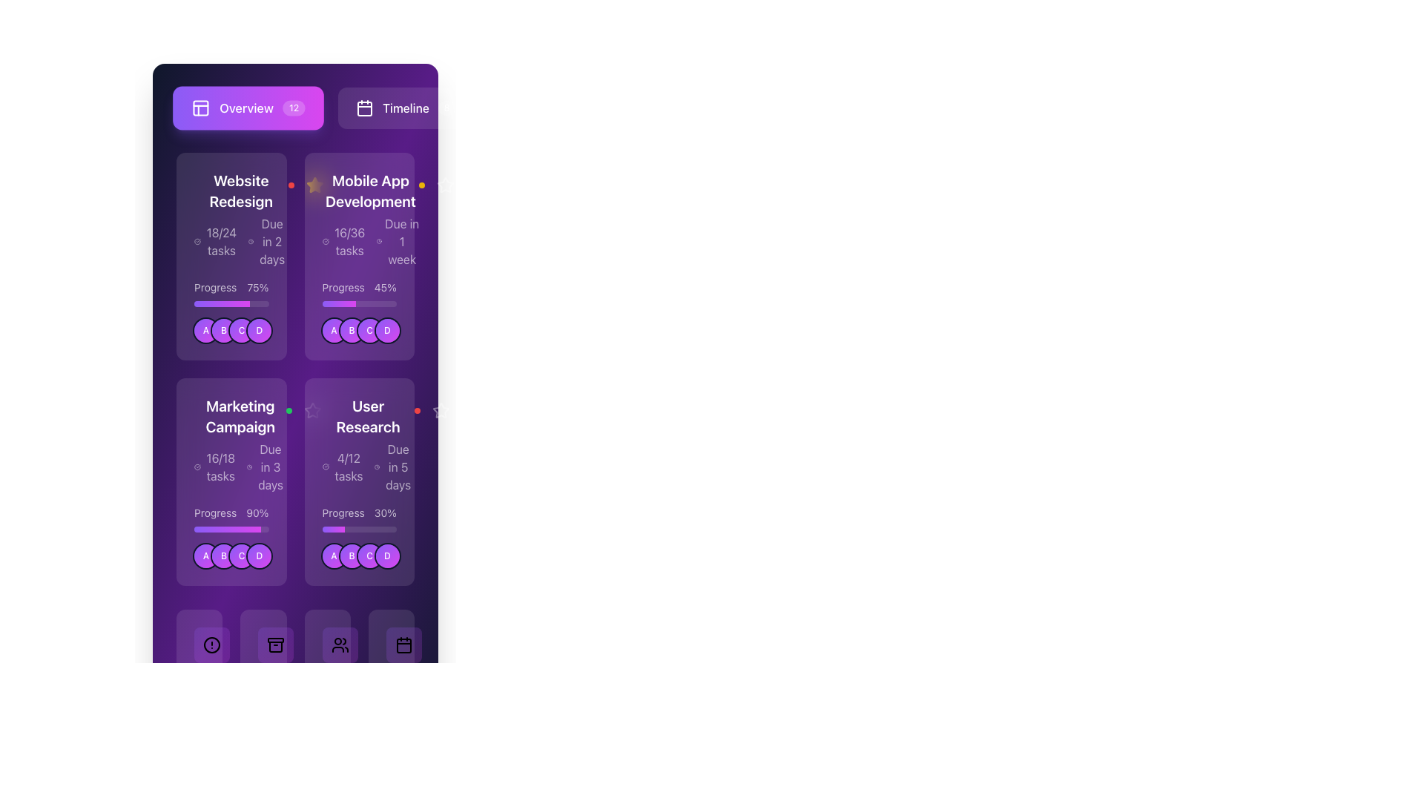  I want to click on the static text indicating the progress percentage of the 'Marketing Campaign', located to the right of the 'Progress' label, so click(257, 512).